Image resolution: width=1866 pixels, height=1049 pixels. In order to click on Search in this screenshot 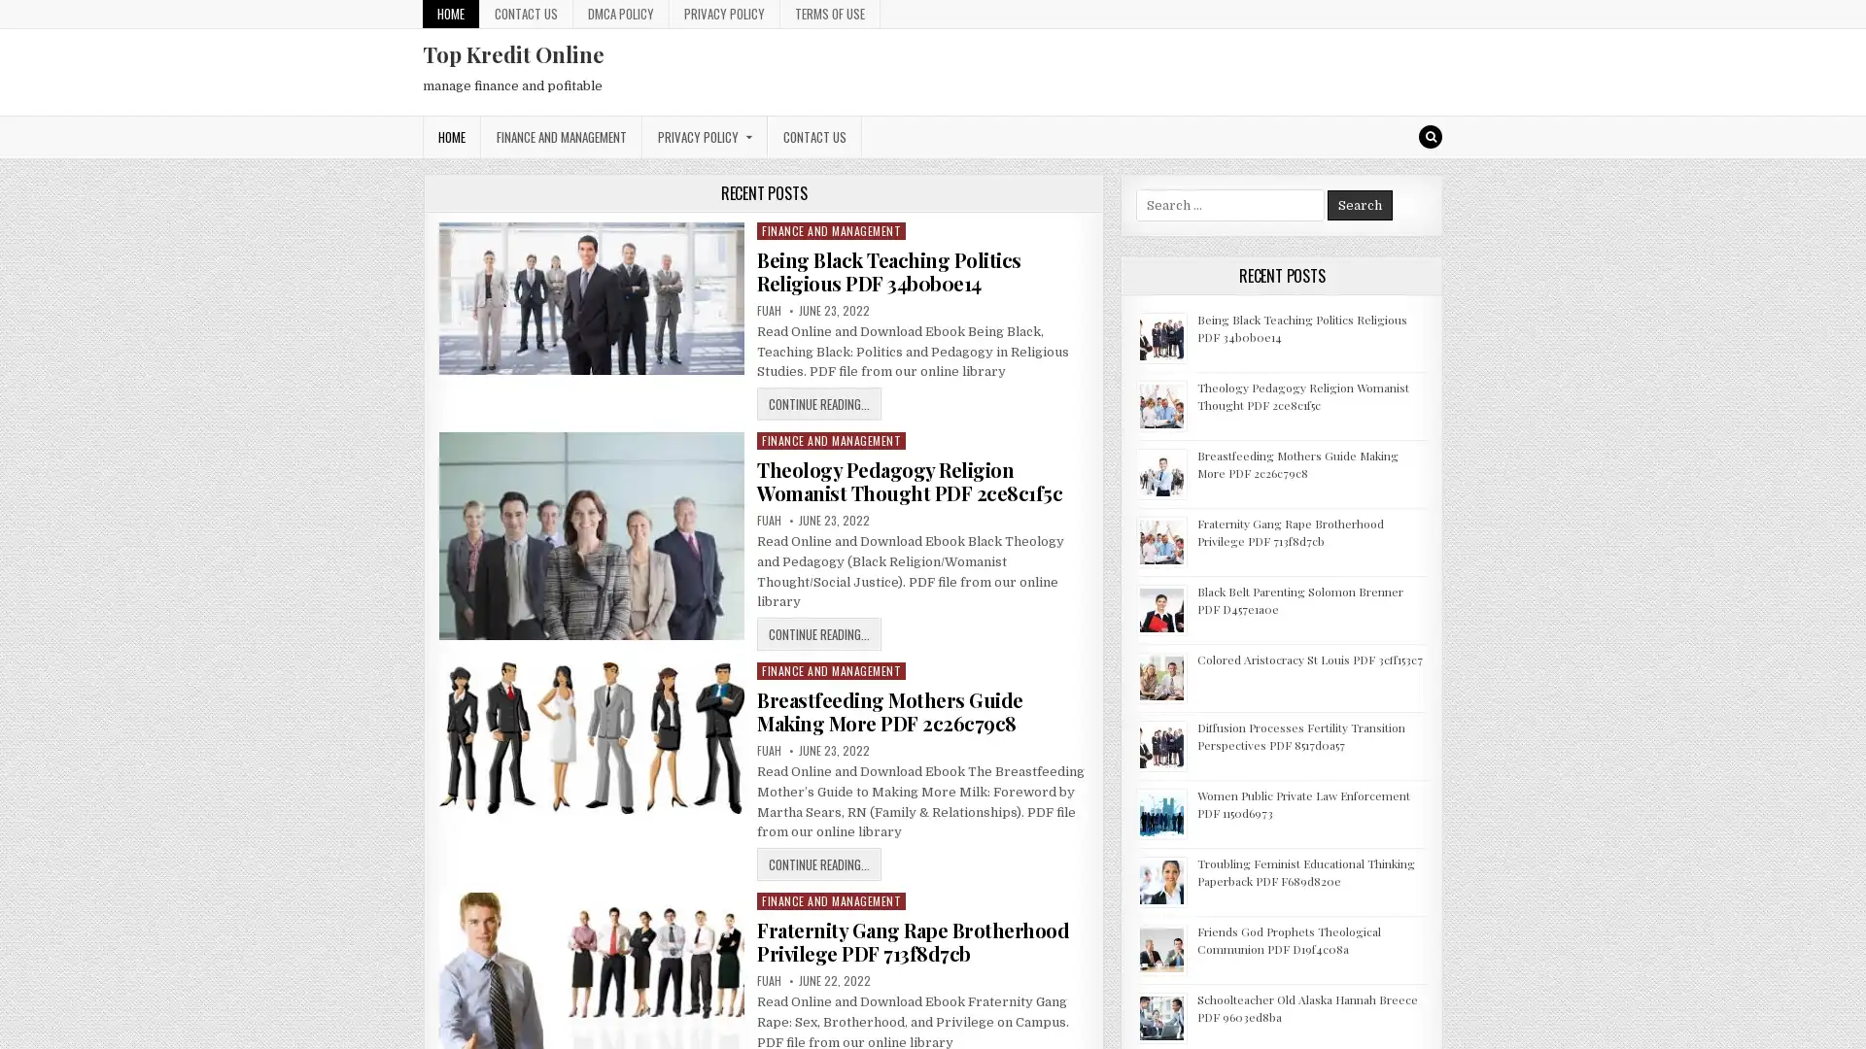, I will do `click(1359, 205)`.